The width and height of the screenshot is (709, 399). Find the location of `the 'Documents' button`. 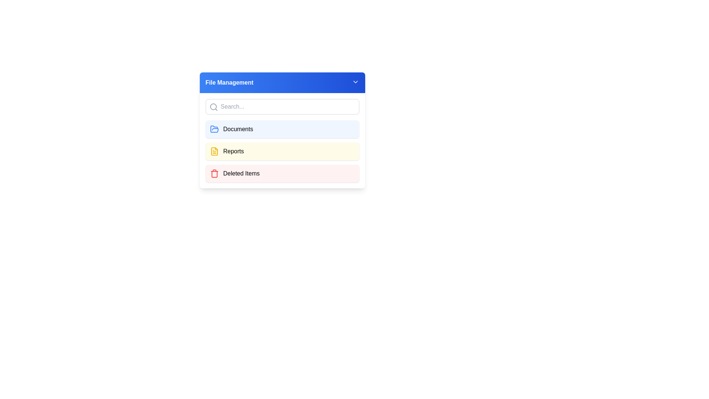

the 'Documents' button is located at coordinates (282, 130).